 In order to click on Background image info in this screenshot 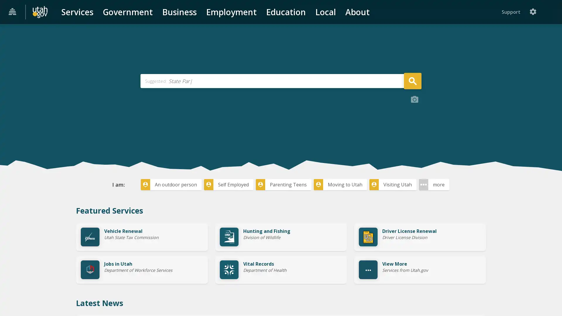, I will do `click(414, 143)`.